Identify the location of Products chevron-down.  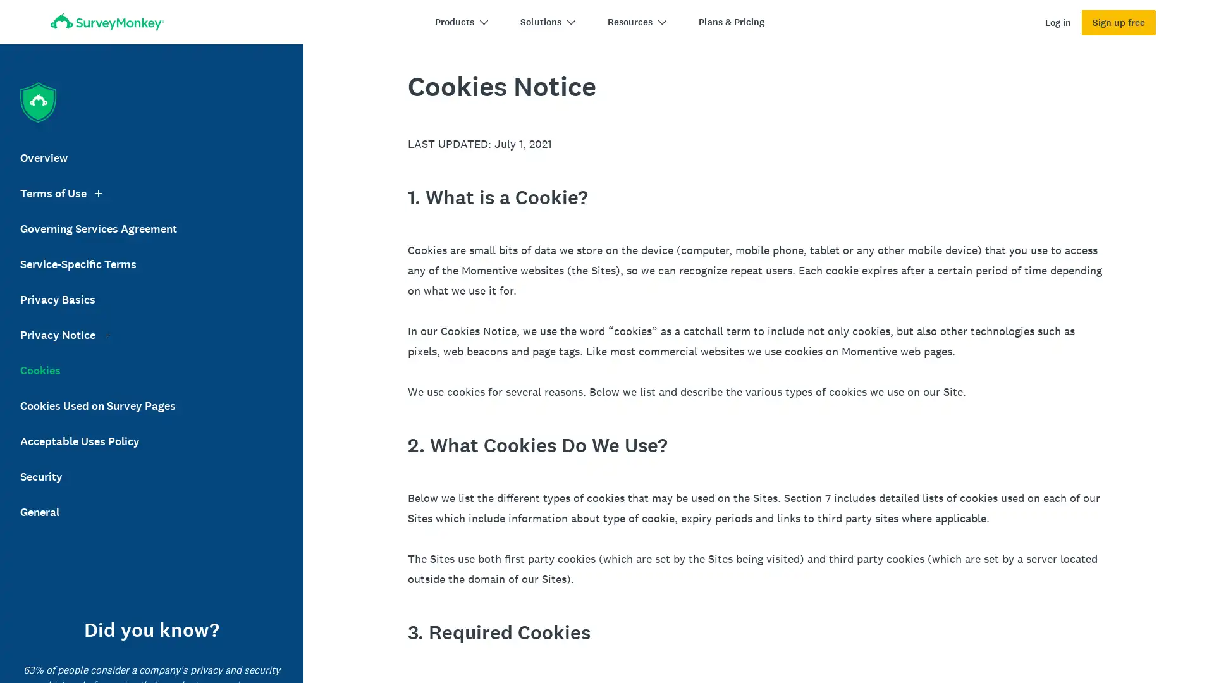
(460, 22).